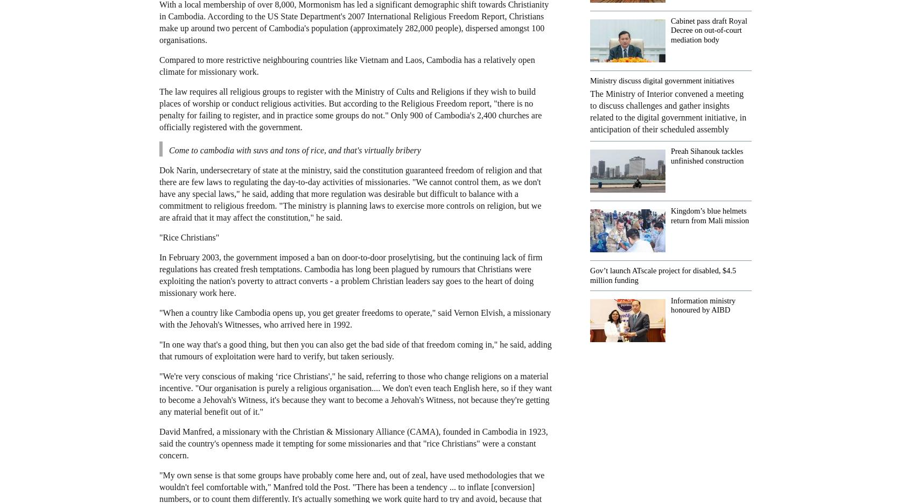  What do you see at coordinates (706, 155) in the screenshot?
I see `'Preah Sihanouk tackles unfinished construction'` at bounding box center [706, 155].